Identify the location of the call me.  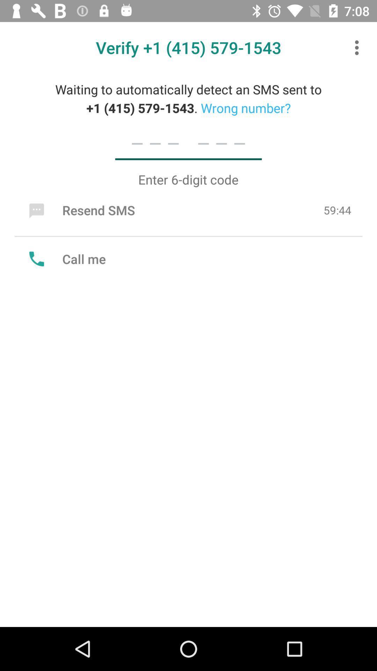
(66, 258).